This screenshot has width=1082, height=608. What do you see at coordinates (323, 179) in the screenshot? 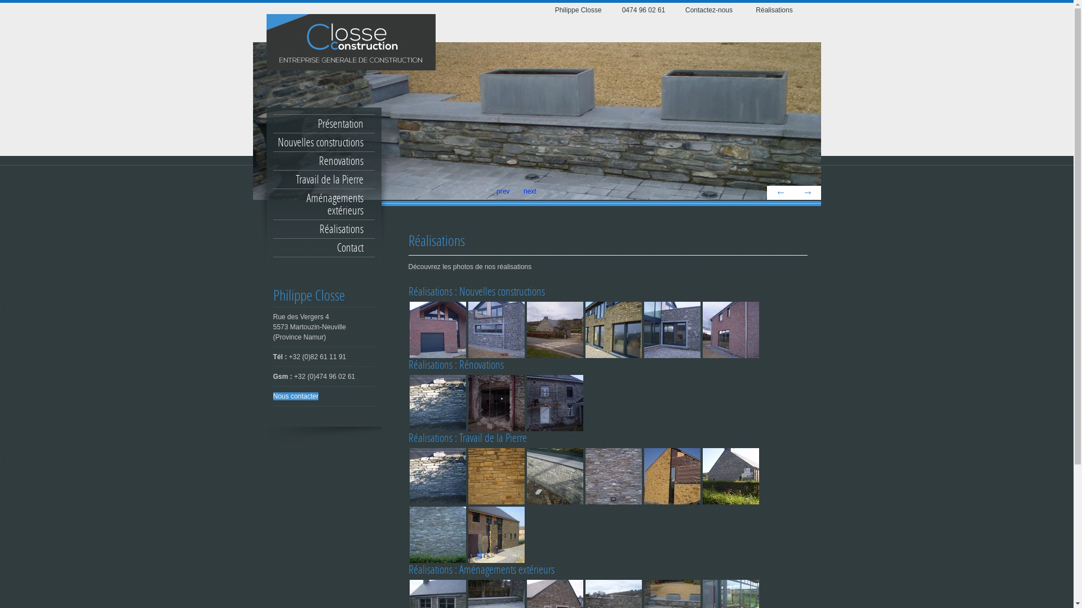
I see `'Travail de la Pierre'` at bounding box center [323, 179].